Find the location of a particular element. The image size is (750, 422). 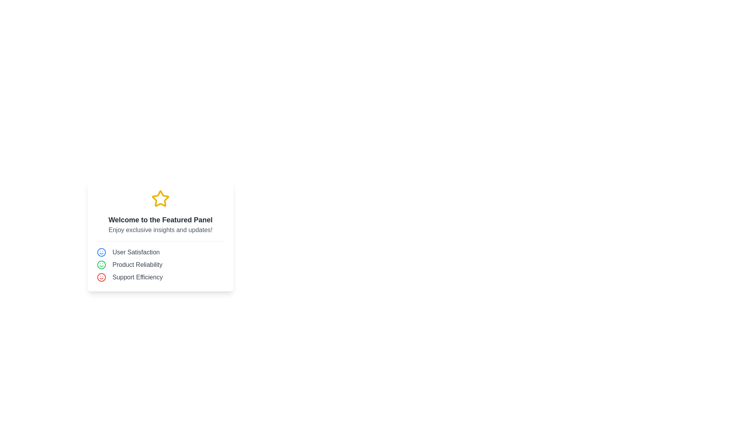

the visual icons for color-coded cues in the List with icon-text pairs, specifically focusing on the middle item labeled 'Product Reliability' is located at coordinates (160, 261).